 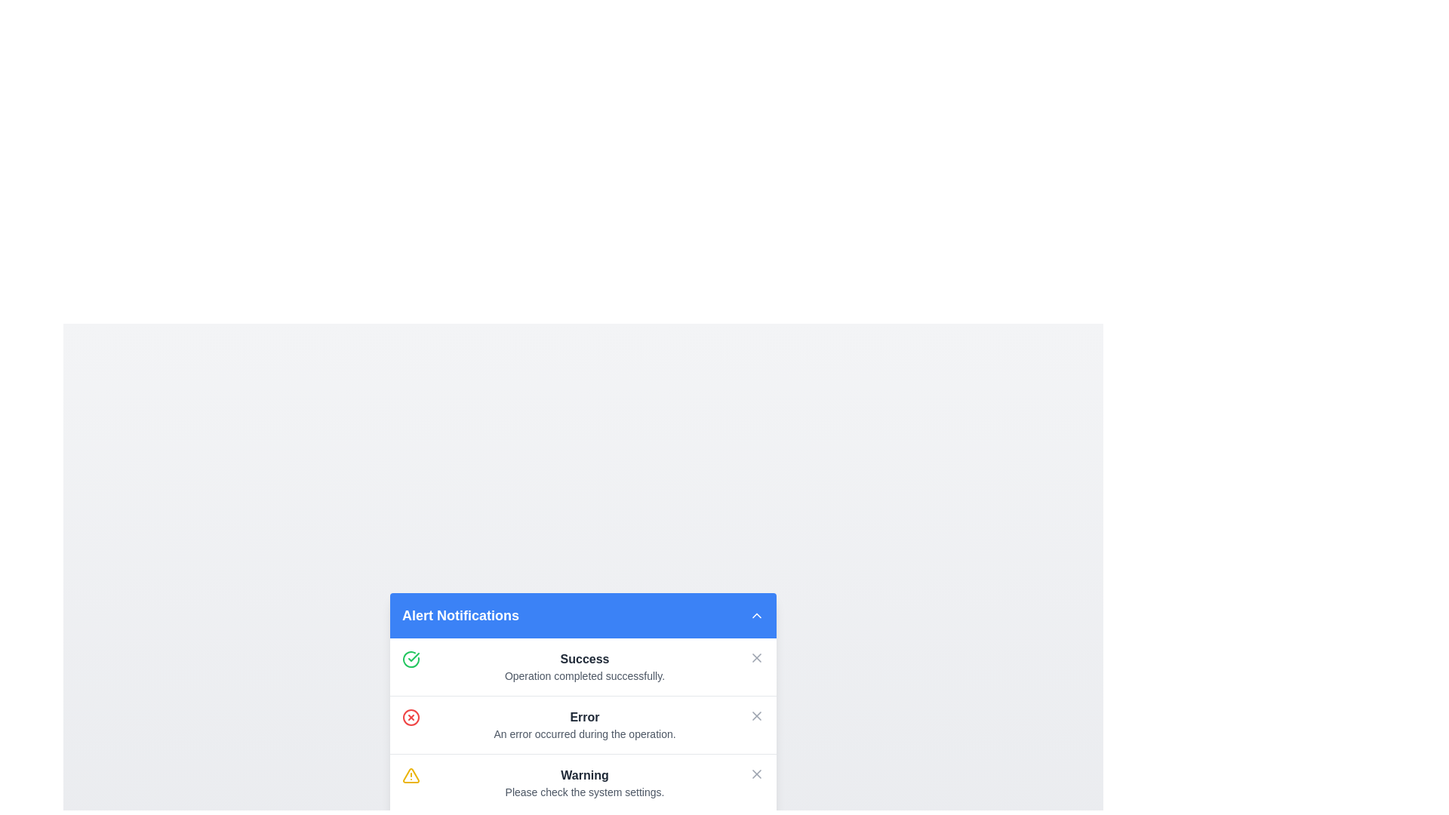 What do you see at coordinates (411, 774) in the screenshot?
I see `the warning icon located to the left of the 'Warning' title in the third entry of the notification list` at bounding box center [411, 774].